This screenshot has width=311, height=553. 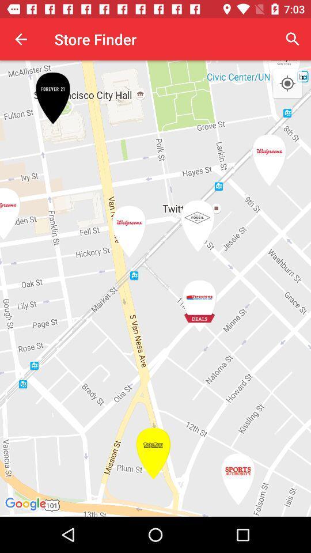 What do you see at coordinates (155, 288) in the screenshot?
I see `the item at the center` at bounding box center [155, 288].